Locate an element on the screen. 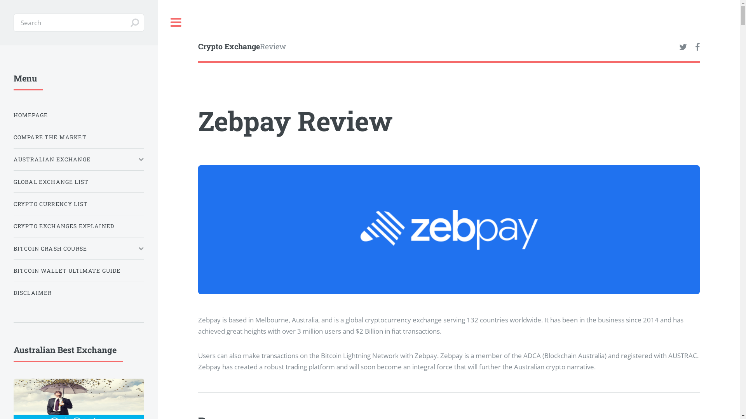  'HOMEPAGE' is located at coordinates (78, 115).